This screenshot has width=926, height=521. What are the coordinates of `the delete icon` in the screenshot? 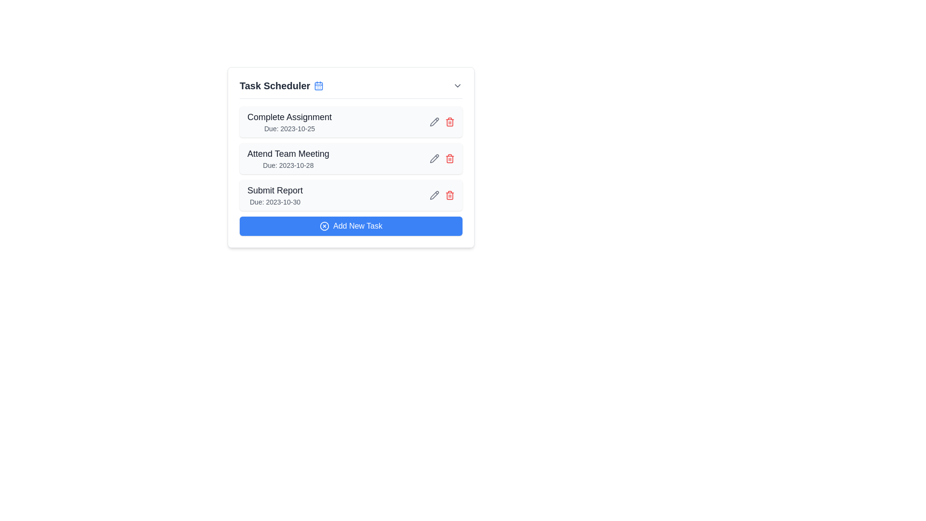 It's located at (449, 195).